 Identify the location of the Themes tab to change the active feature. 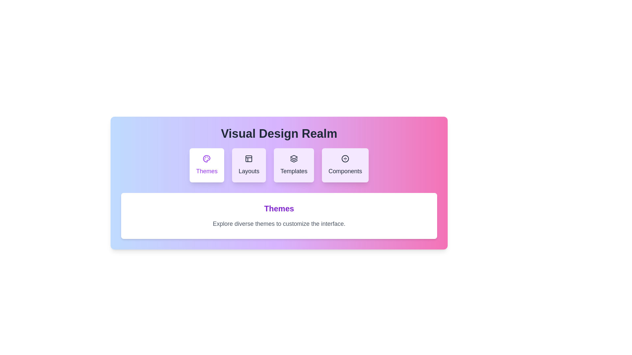
(206, 165).